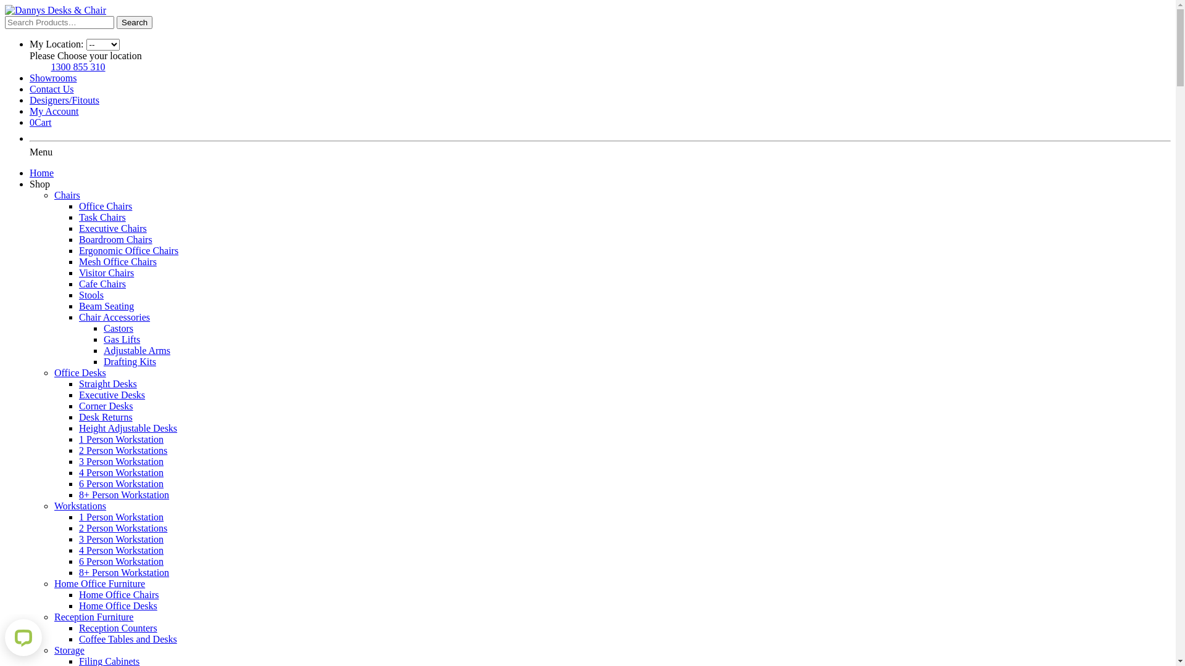 Image resolution: width=1185 pixels, height=666 pixels. I want to click on 'Designers/Fitouts', so click(64, 99).